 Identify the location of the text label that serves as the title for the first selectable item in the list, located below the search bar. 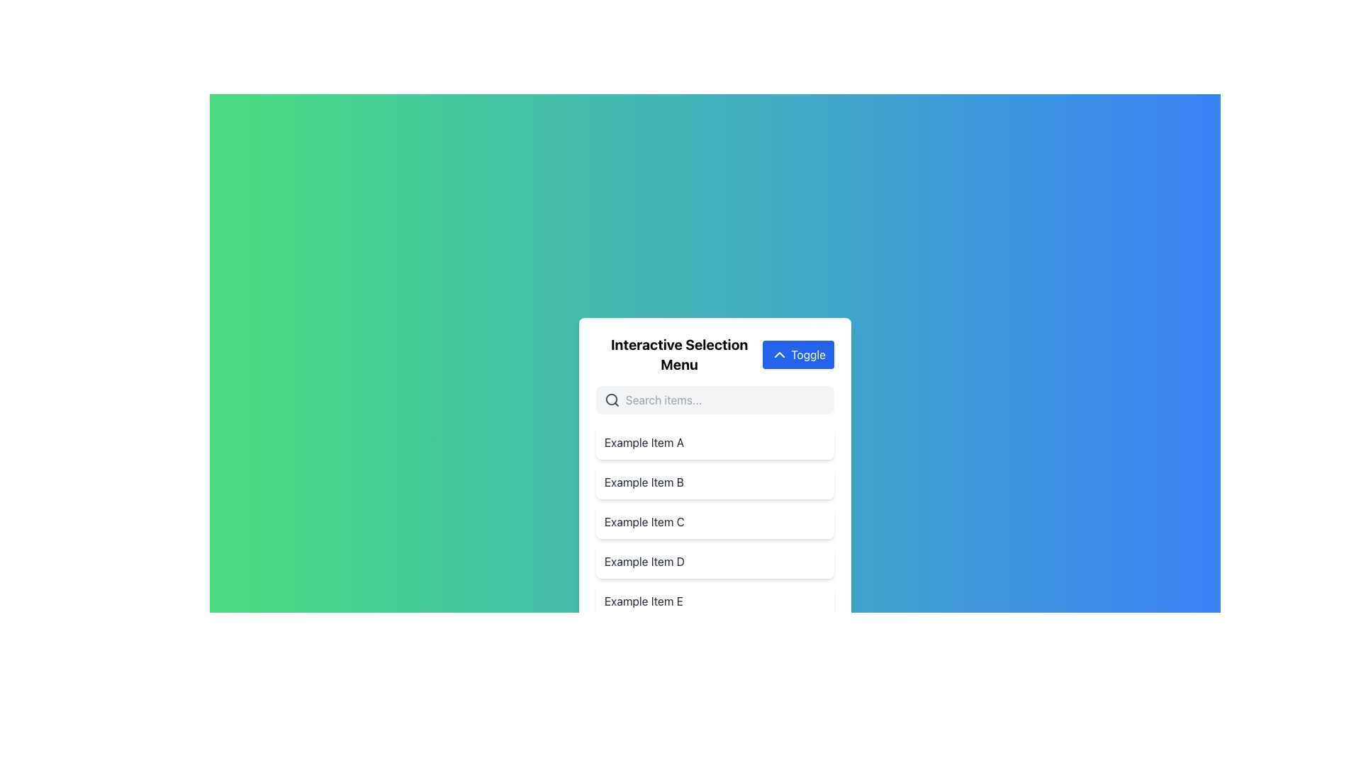
(644, 441).